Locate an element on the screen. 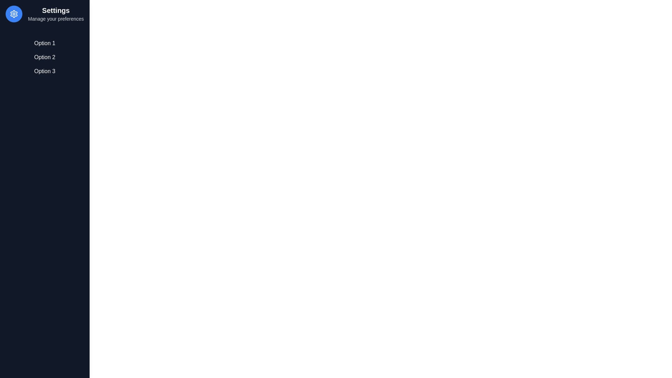  the title or heading text located at the top left corner of the interface, which indicates the purpose of the options presented in the same area is located at coordinates (55, 10).